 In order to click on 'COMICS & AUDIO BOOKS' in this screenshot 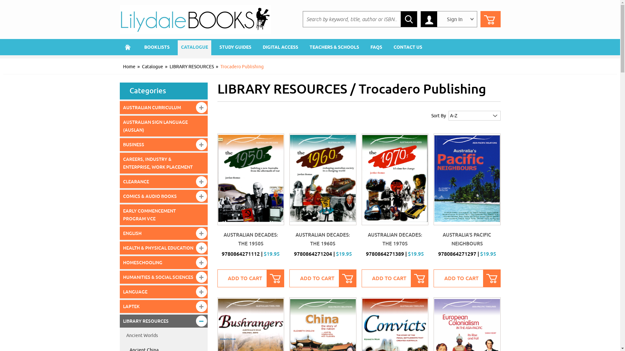, I will do `click(164, 196)`.